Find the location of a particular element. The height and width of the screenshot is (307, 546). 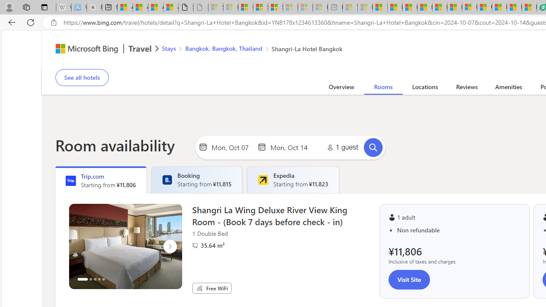

'Booking' is located at coordinates (167, 179).